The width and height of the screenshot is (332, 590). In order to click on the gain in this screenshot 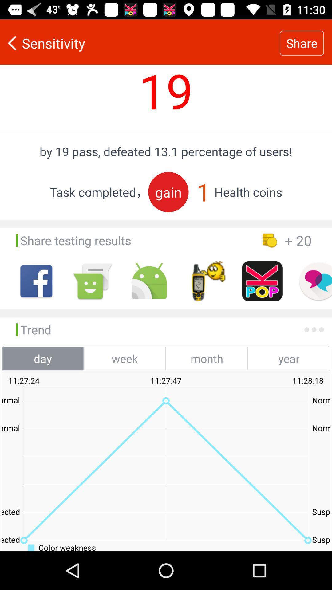, I will do `click(168, 192)`.